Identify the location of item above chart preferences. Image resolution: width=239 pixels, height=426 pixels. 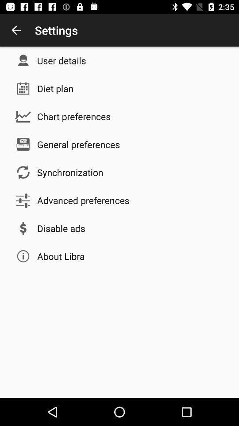
(55, 88).